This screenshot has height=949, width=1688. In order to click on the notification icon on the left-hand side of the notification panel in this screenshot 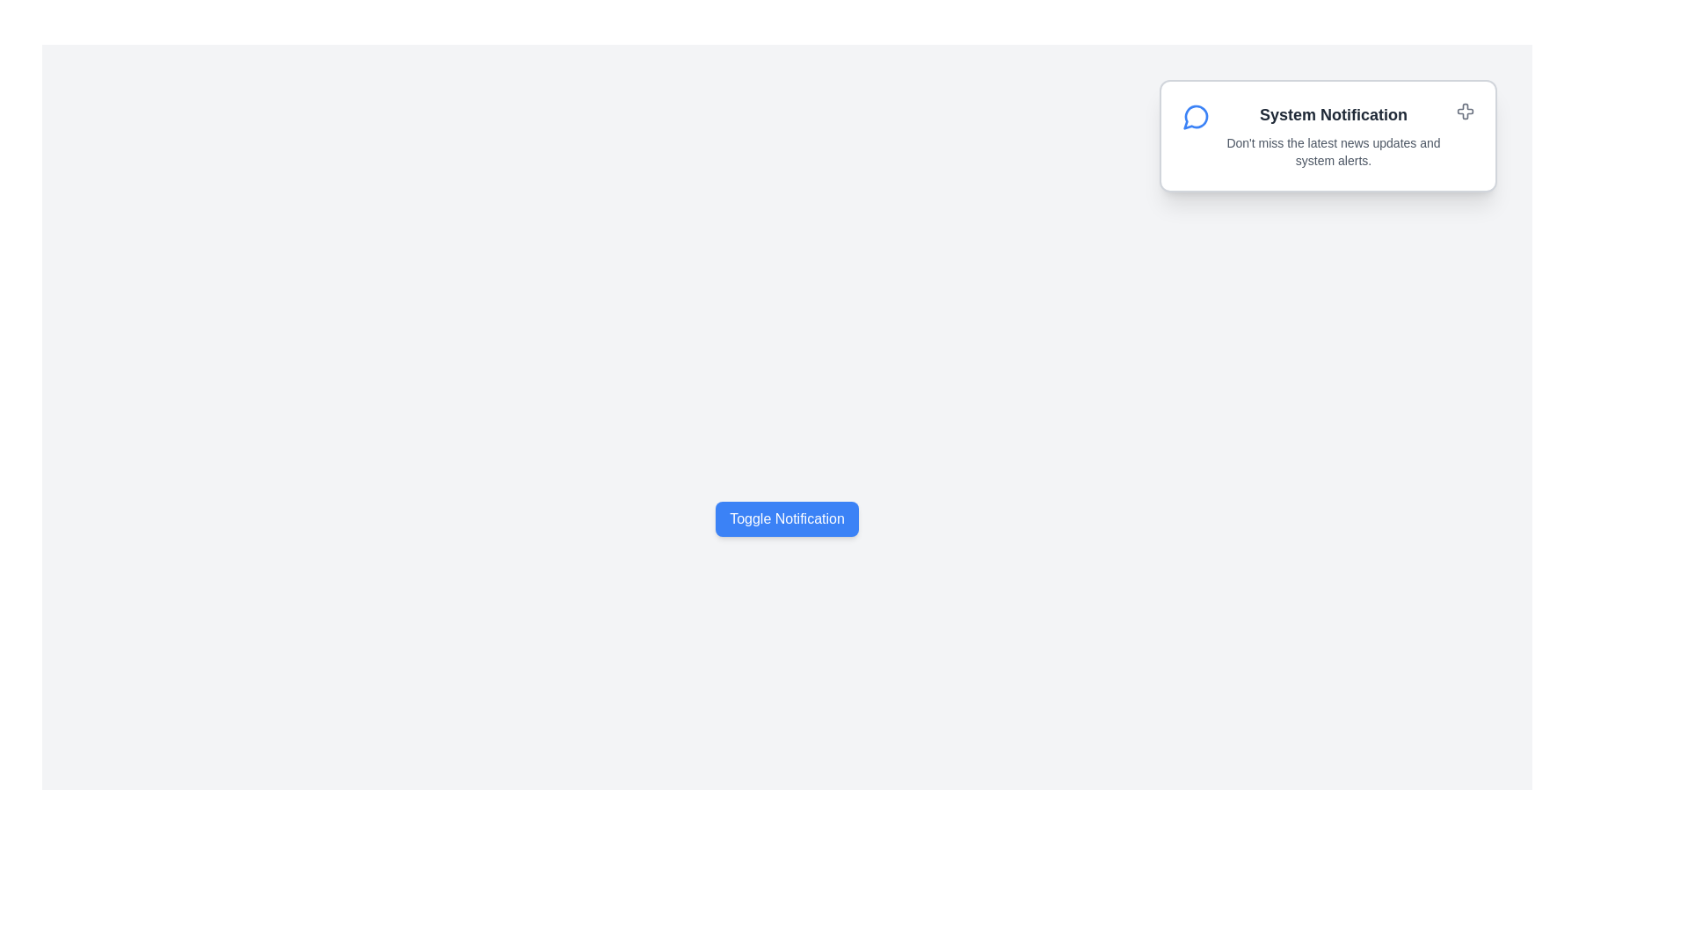, I will do `click(1196, 117)`.